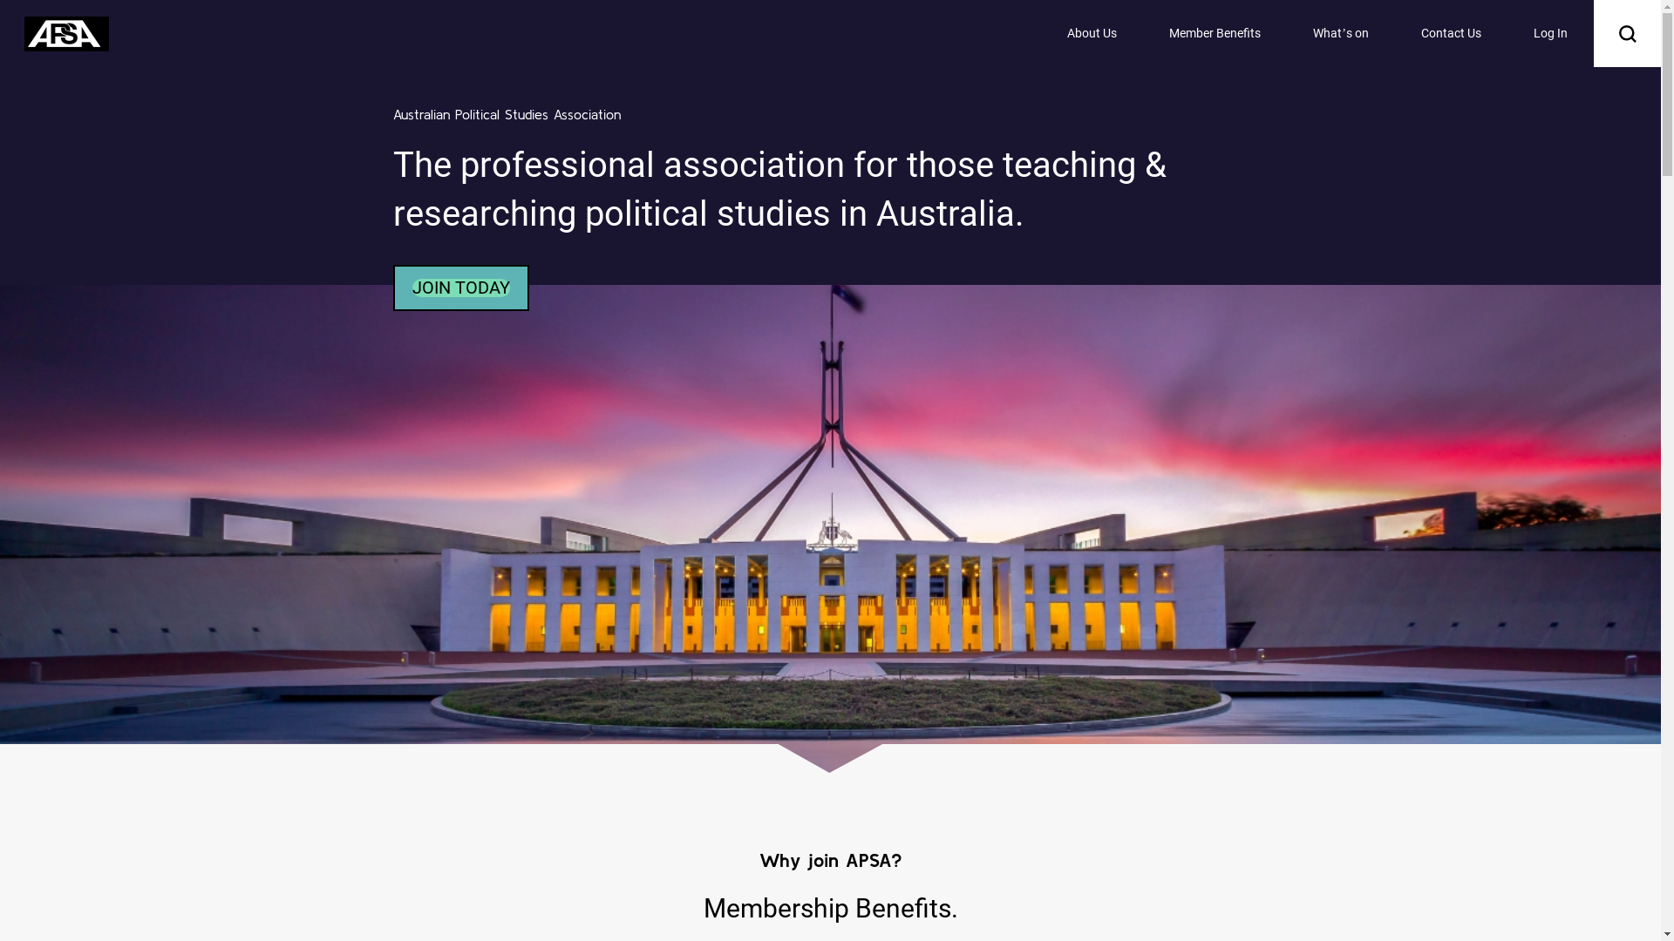 This screenshot has width=1674, height=941. Describe the element at coordinates (410, 287) in the screenshot. I see `'JOIN TODAY'` at that location.